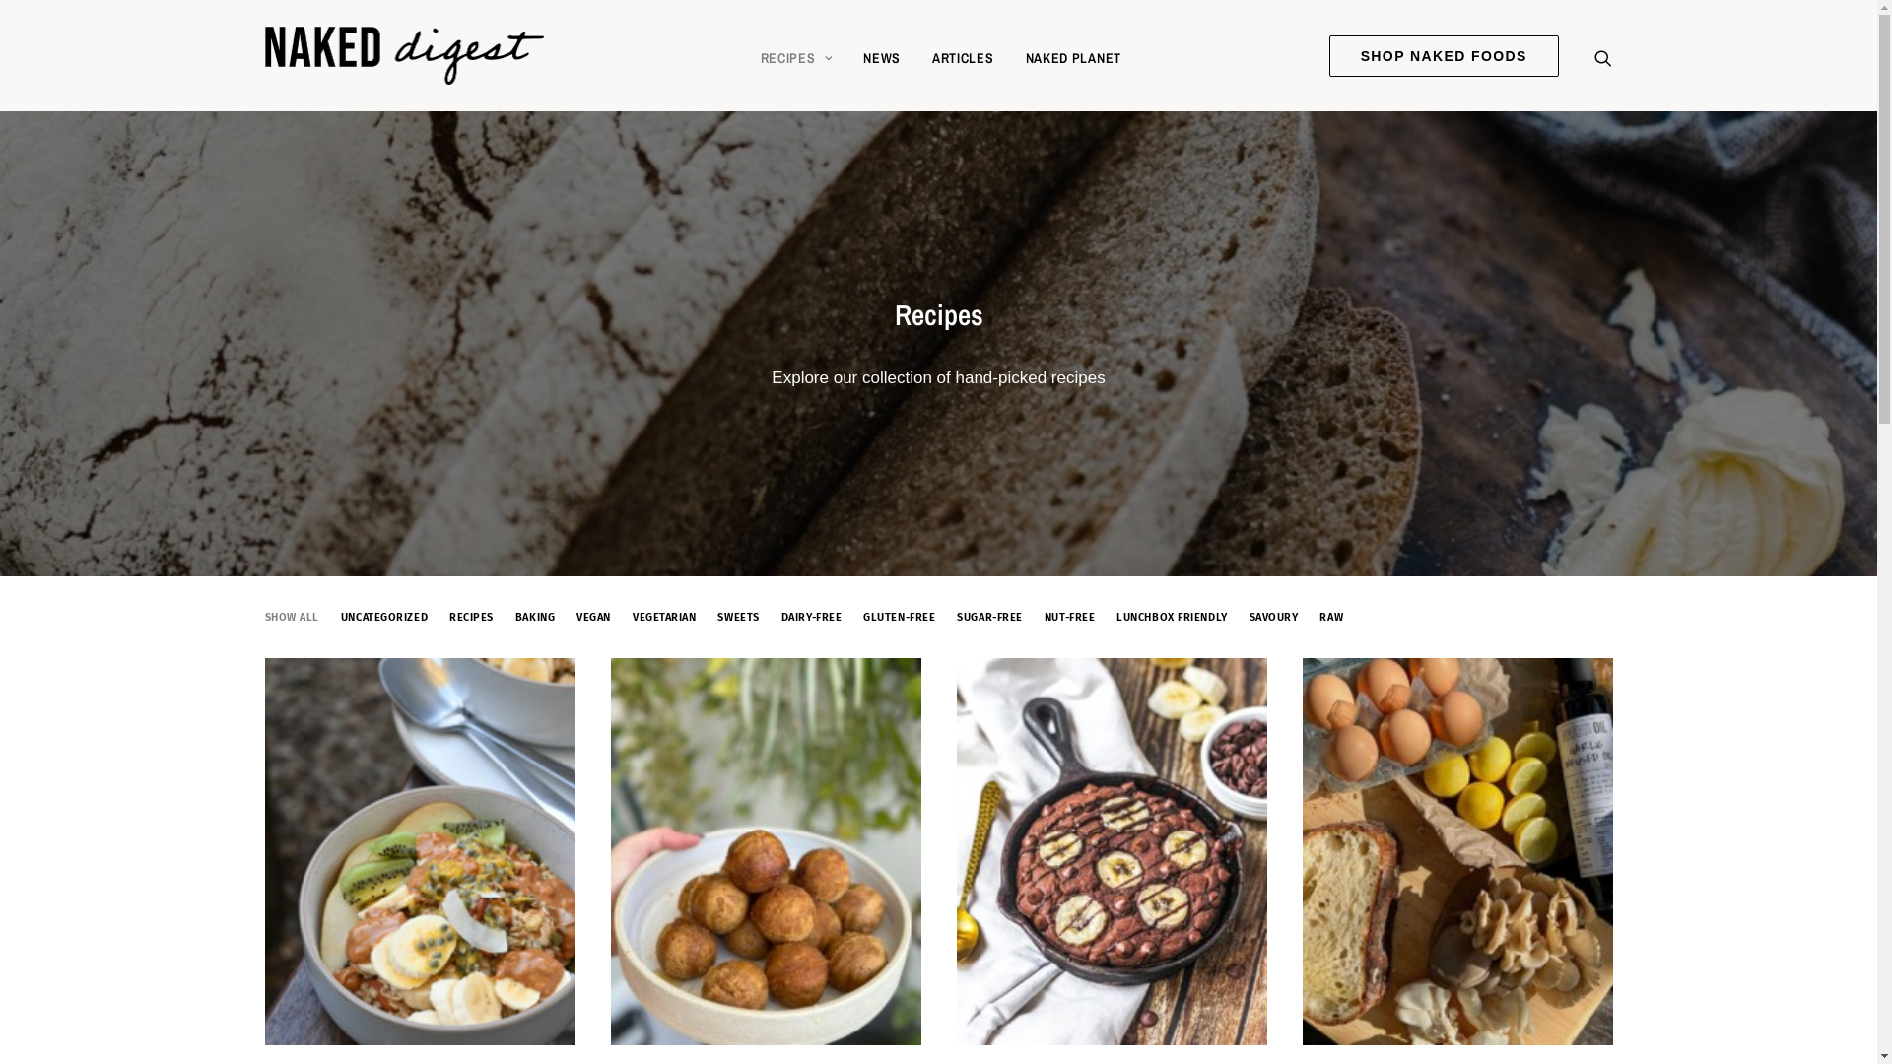 This screenshot has height=1064, width=1892. What do you see at coordinates (534, 616) in the screenshot?
I see `'BAKING'` at bounding box center [534, 616].